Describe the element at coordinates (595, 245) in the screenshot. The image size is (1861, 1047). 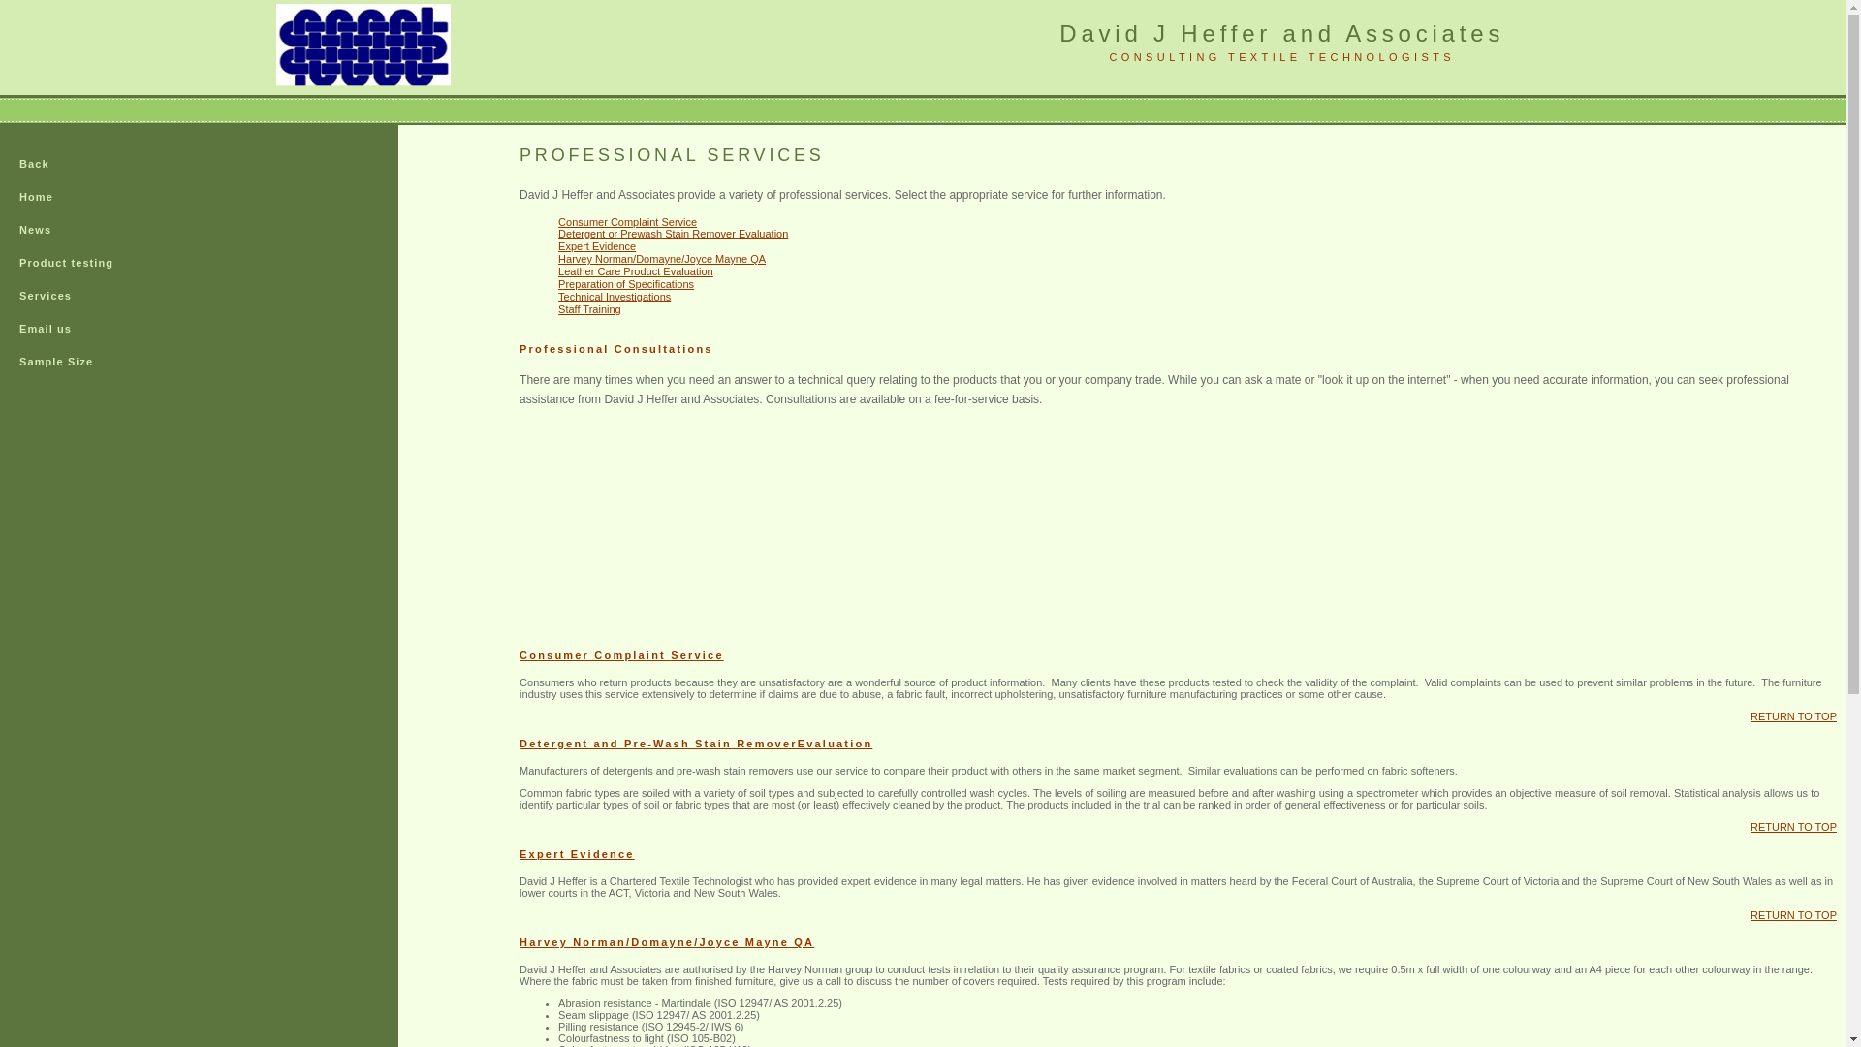
I see `'Expert Evidence'` at that location.